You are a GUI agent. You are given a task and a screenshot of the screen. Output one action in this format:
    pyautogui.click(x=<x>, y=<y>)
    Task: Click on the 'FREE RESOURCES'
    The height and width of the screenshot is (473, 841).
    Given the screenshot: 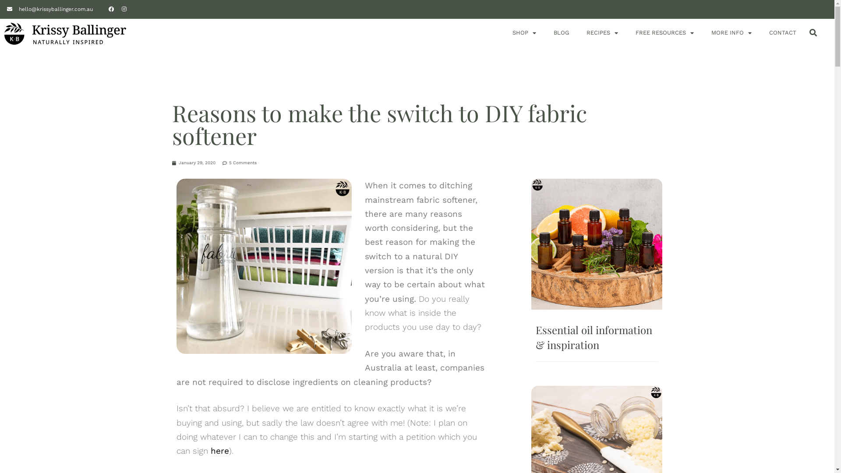 What is the action you would take?
    pyautogui.click(x=664, y=32)
    